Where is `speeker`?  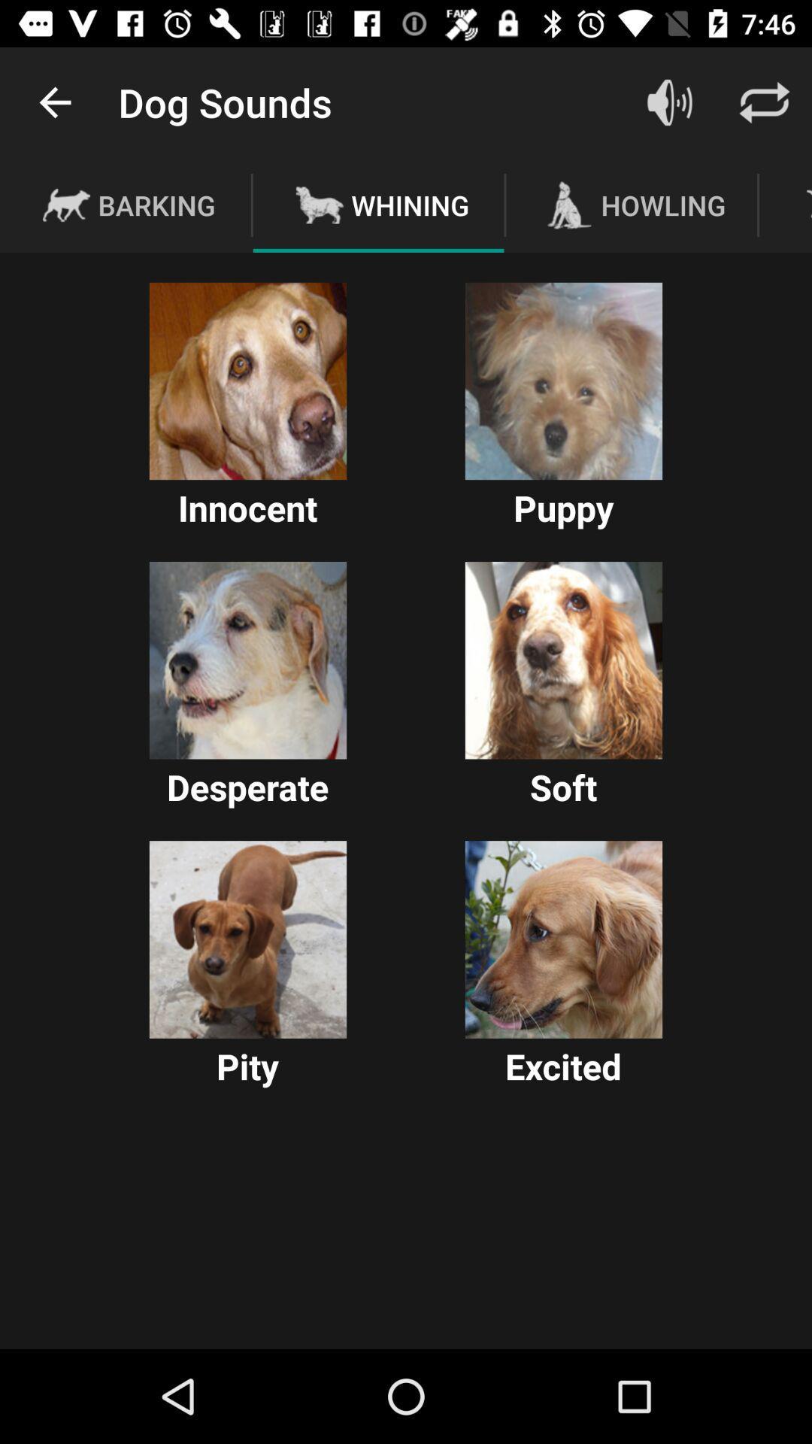
speeker is located at coordinates (669, 102).